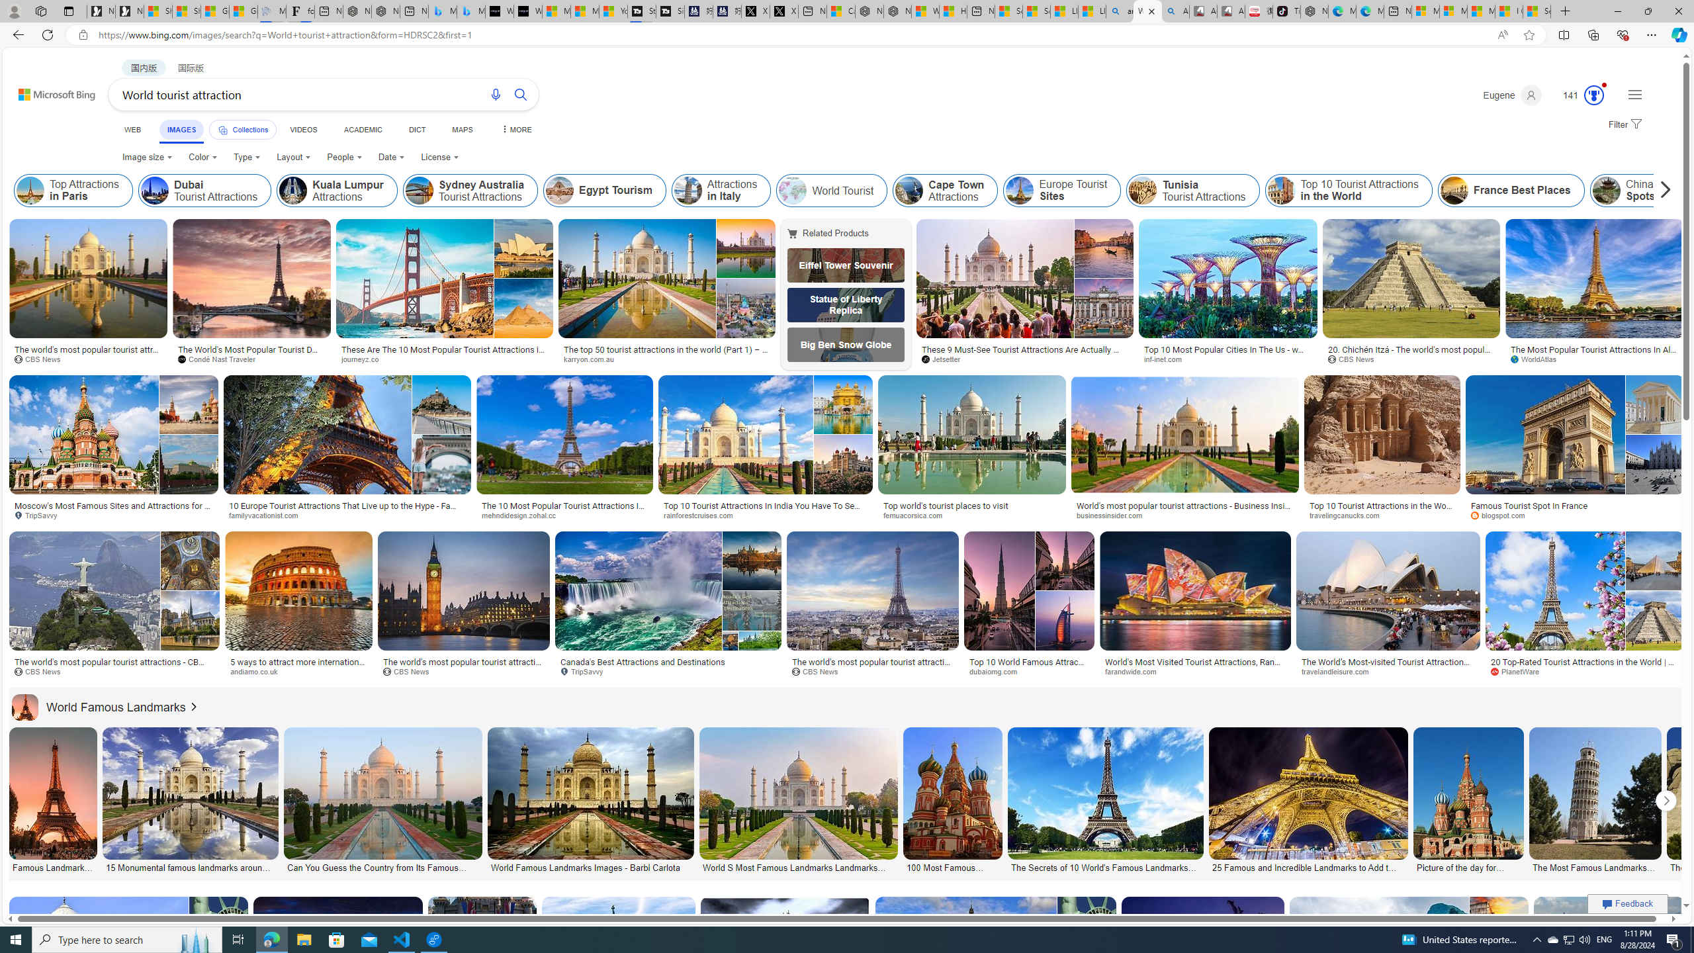  Describe the element at coordinates (845, 344) in the screenshot. I see `'Big Ben Snow Globe'` at that location.